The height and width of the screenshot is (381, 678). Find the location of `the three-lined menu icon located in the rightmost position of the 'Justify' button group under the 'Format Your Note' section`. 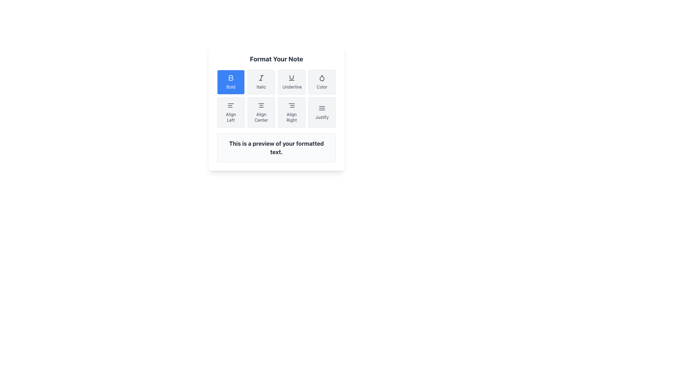

the three-lined menu icon located in the rightmost position of the 'Justify' button group under the 'Format Your Note' section is located at coordinates (322, 108).